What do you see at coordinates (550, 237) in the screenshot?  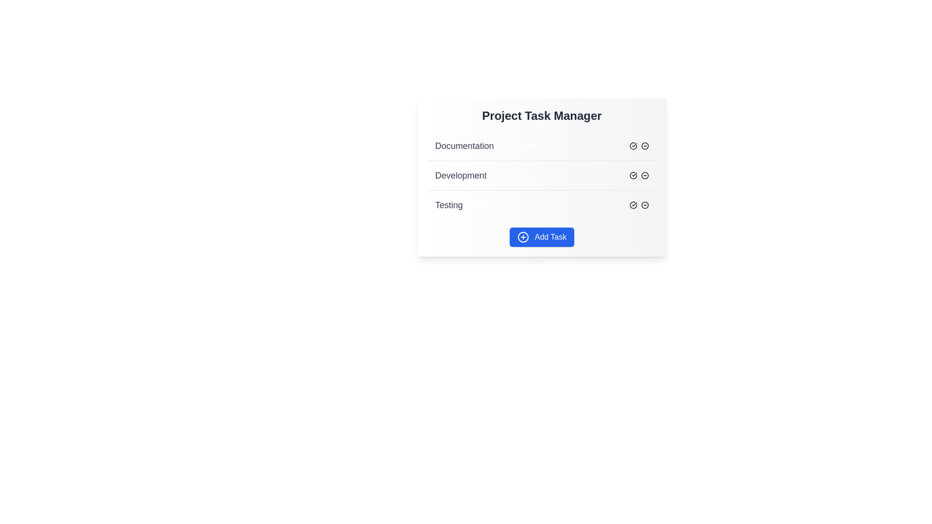 I see `the text component displaying 'Add Task'` at bounding box center [550, 237].